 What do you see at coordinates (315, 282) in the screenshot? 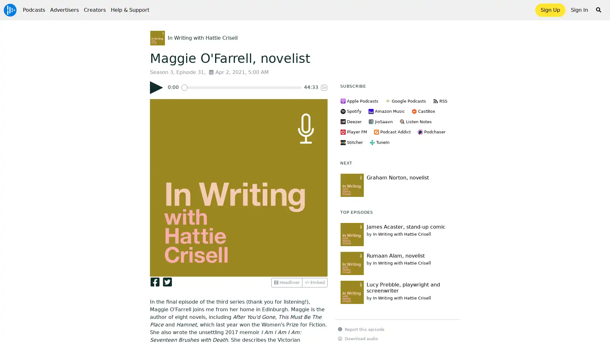
I see `Embed` at bounding box center [315, 282].